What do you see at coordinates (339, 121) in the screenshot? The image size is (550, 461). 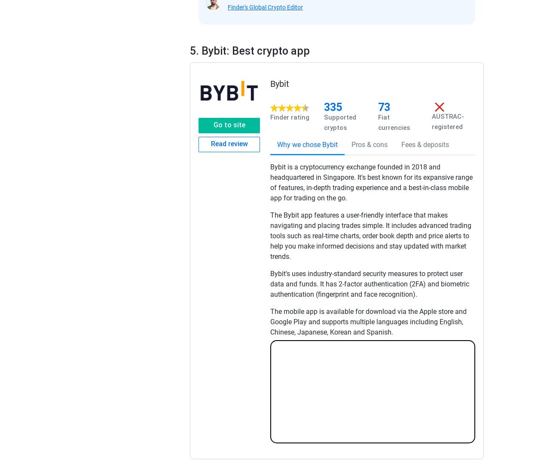 I see `'Supported cryptos'` at bounding box center [339, 121].